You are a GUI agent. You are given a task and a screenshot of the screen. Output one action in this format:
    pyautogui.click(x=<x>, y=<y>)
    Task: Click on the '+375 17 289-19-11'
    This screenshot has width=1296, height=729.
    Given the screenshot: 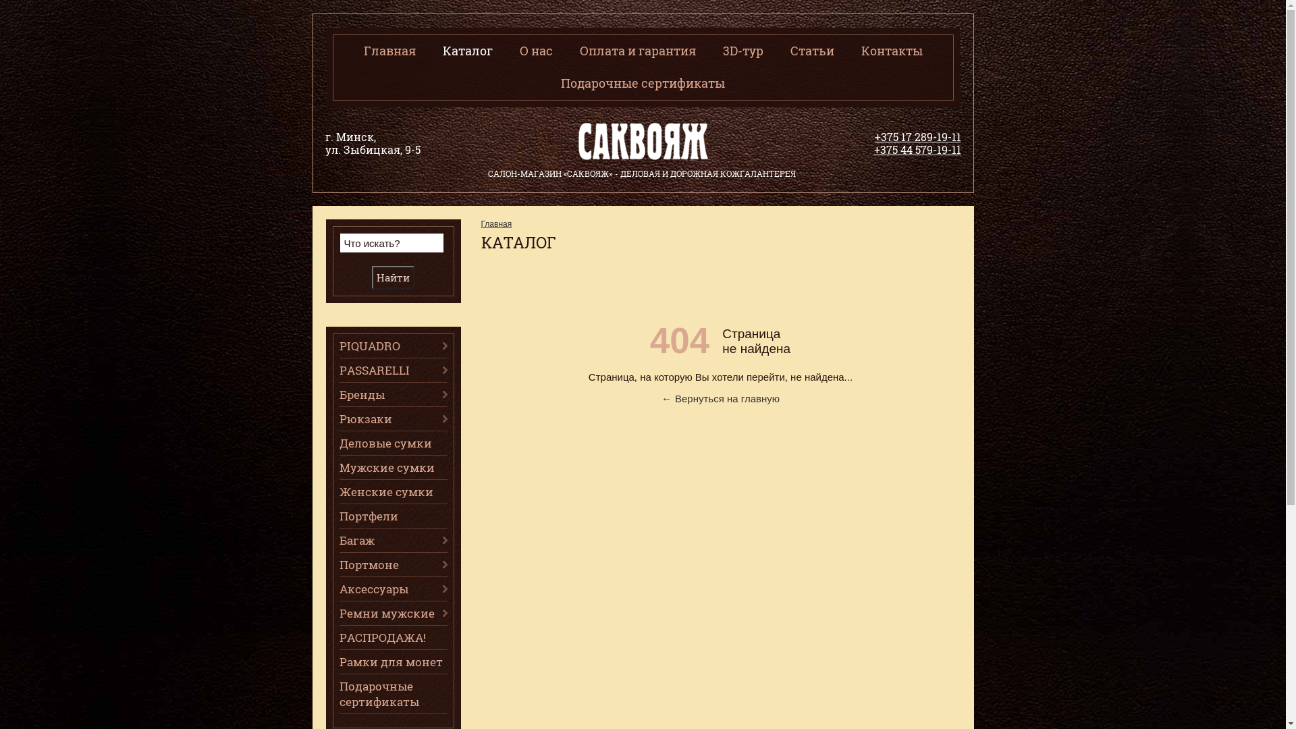 What is the action you would take?
    pyautogui.click(x=875, y=136)
    